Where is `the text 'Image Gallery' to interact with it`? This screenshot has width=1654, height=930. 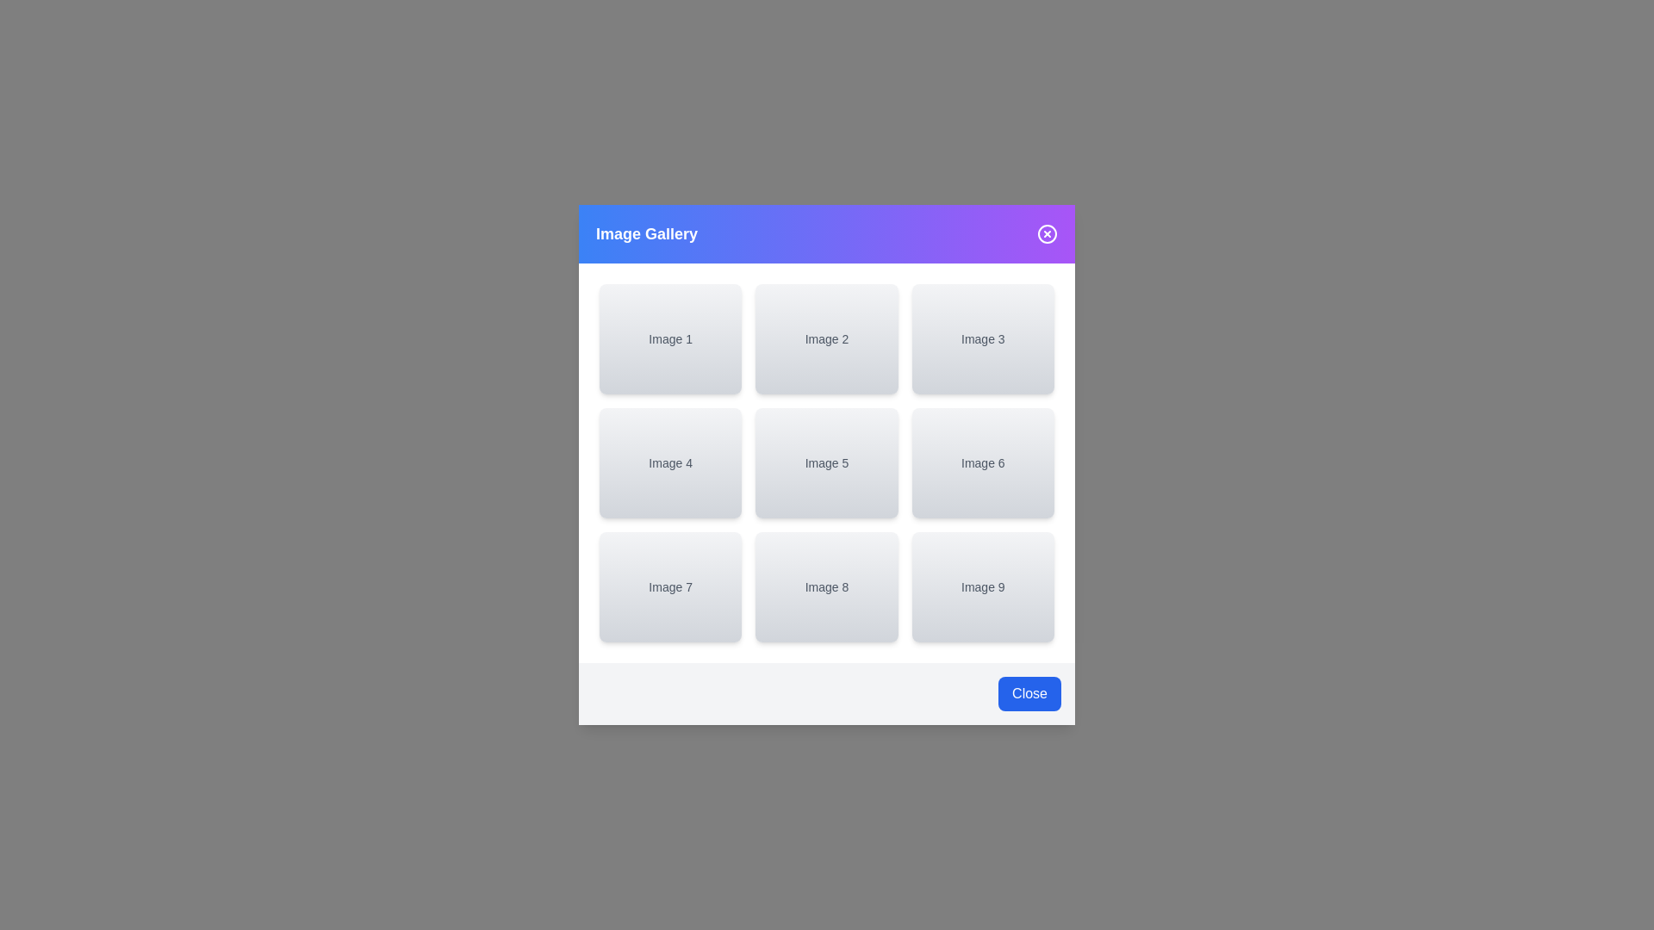
the text 'Image Gallery' to interact with it is located at coordinates (645, 234).